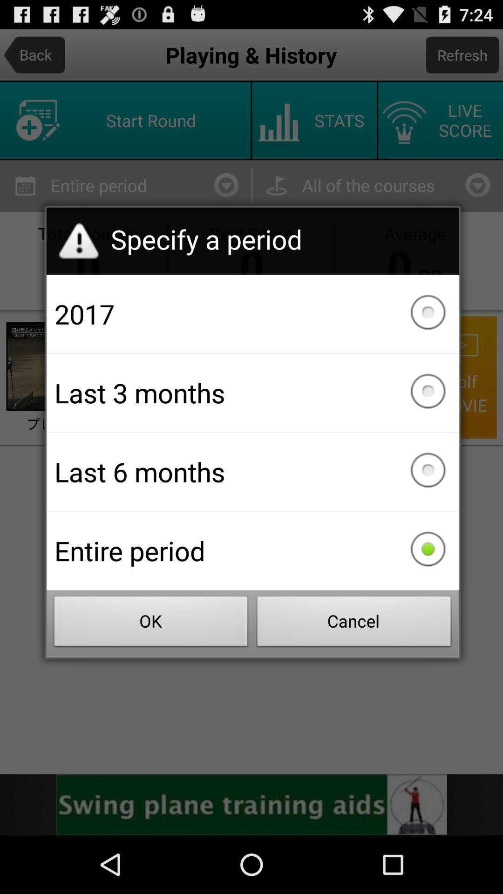  Describe the element at coordinates (354, 624) in the screenshot. I see `the icon below the entire period checkbox` at that location.